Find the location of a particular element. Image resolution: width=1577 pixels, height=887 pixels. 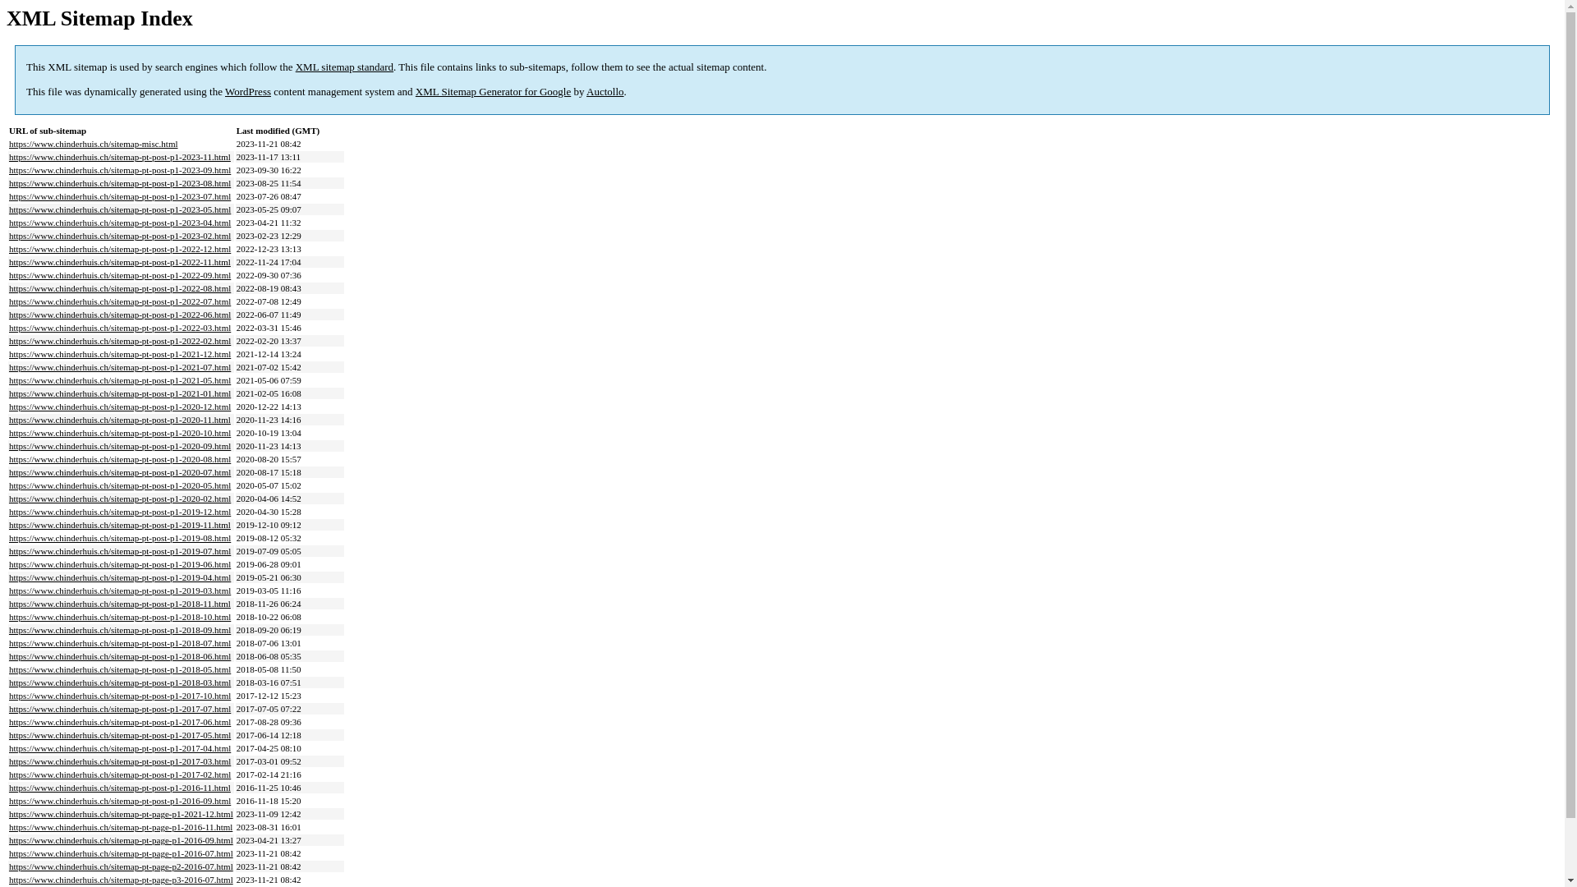

'https://www.chinderhuis.ch/sitemap-pt-post-p1-2022-12.html' is located at coordinates (118, 249).